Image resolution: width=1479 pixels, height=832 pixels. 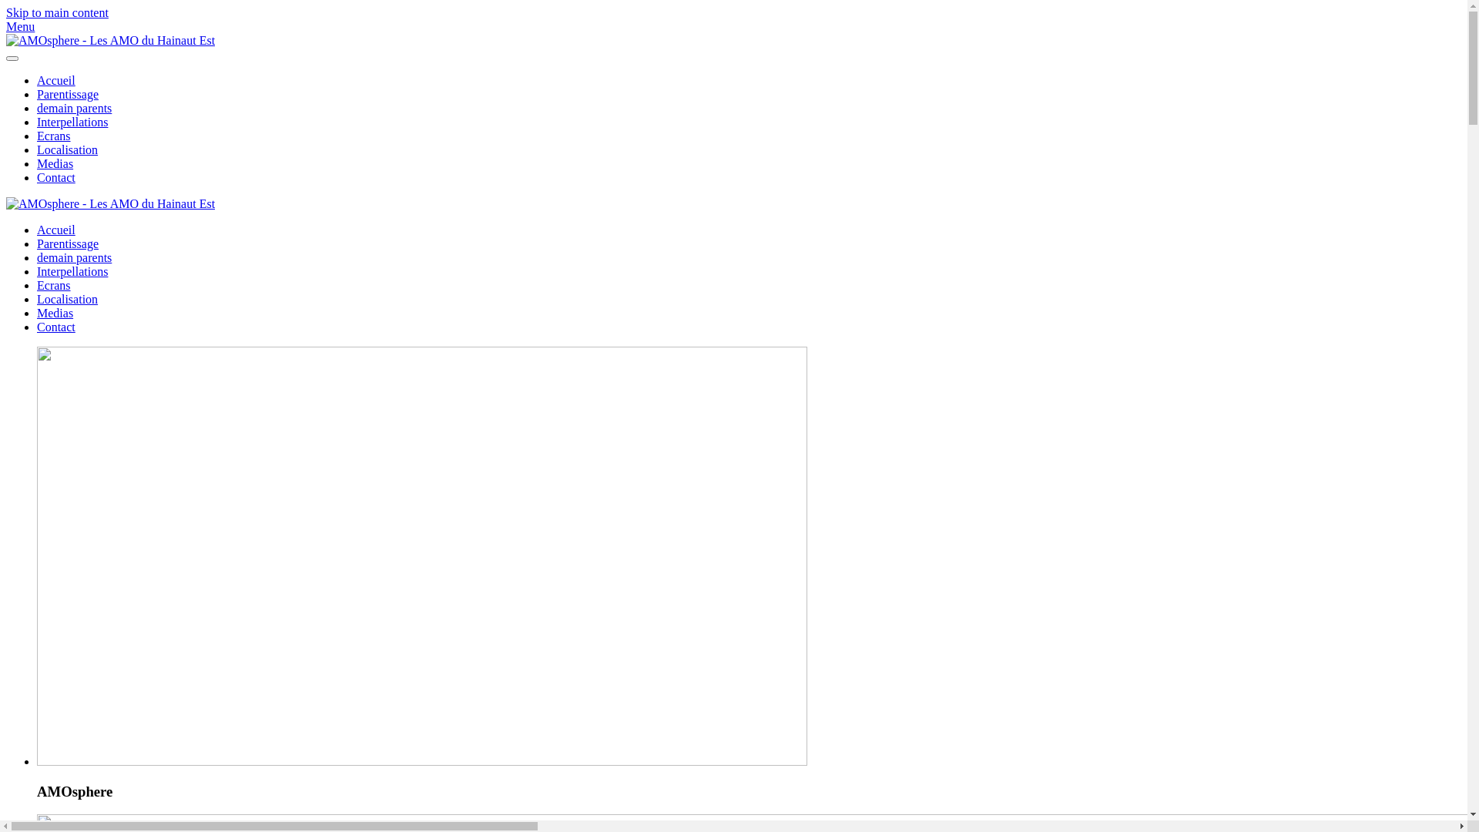 I want to click on 'demain parents', so click(x=73, y=257).